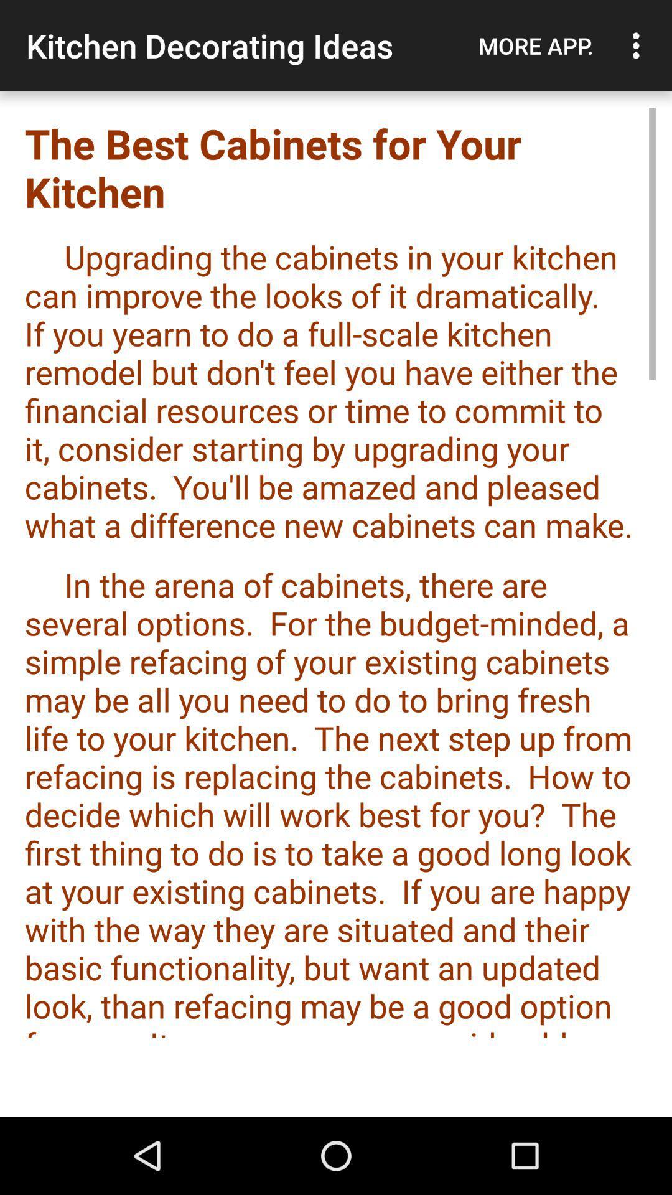 The image size is (672, 1195). What do you see at coordinates (535, 45) in the screenshot?
I see `the icon above the the best cabinets` at bounding box center [535, 45].